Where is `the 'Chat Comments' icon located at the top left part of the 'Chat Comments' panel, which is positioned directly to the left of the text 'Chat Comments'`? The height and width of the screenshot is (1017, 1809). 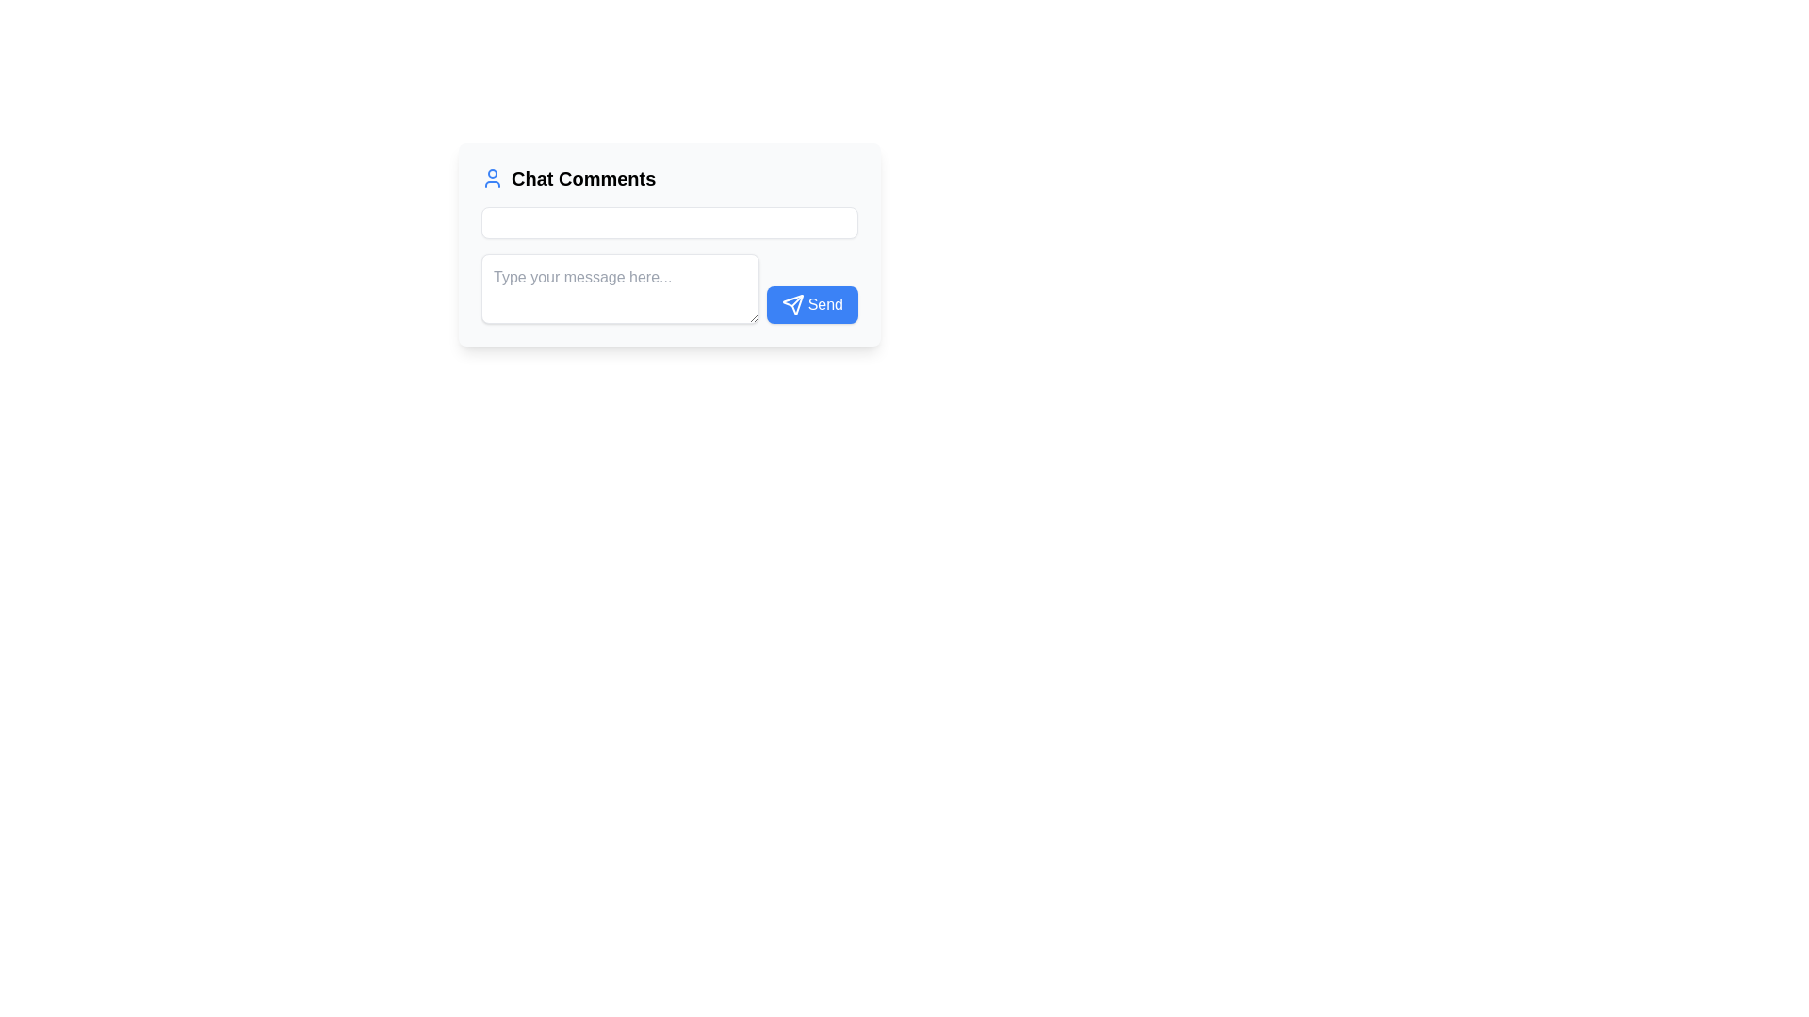
the 'Chat Comments' icon located at the top left part of the 'Chat Comments' panel, which is positioned directly to the left of the text 'Chat Comments' is located at coordinates (493, 178).